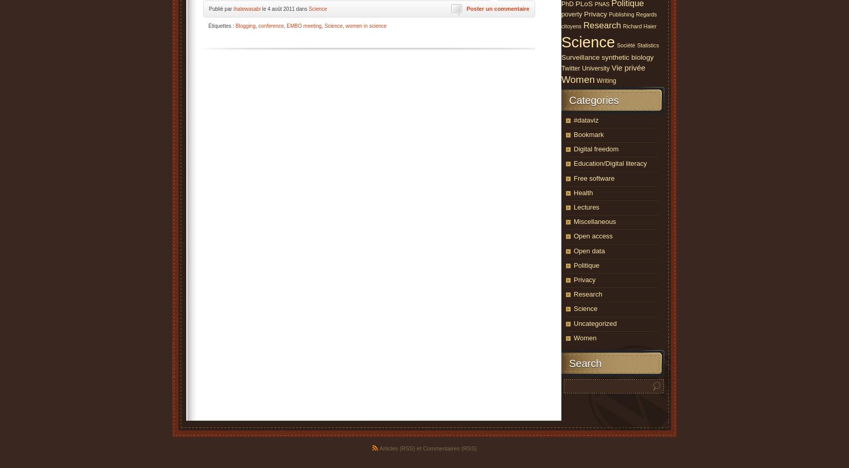  What do you see at coordinates (647, 44) in the screenshot?
I see `'Statistics'` at bounding box center [647, 44].